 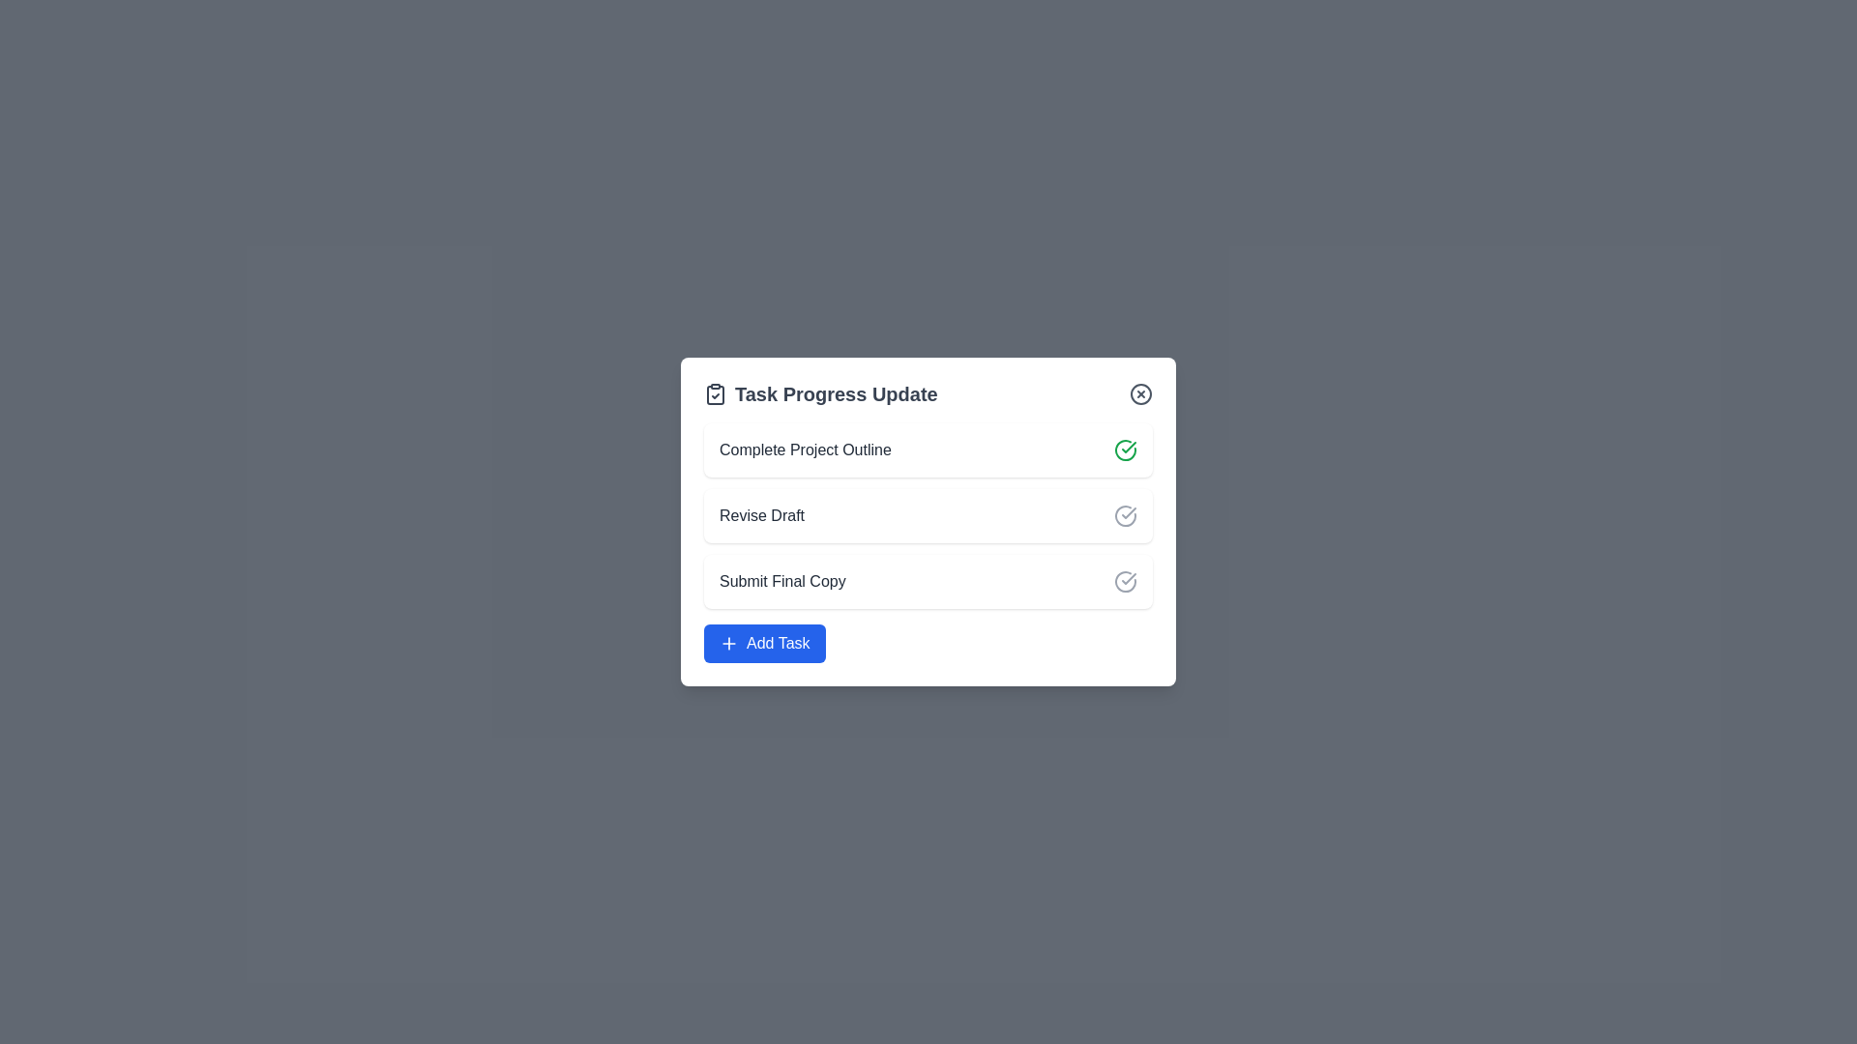 What do you see at coordinates (1125, 514) in the screenshot?
I see `the completion status icon for the 'Revise Draft' task, which is located to the right of the textual label within the second list item of the task interface` at bounding box center [1125, 514].